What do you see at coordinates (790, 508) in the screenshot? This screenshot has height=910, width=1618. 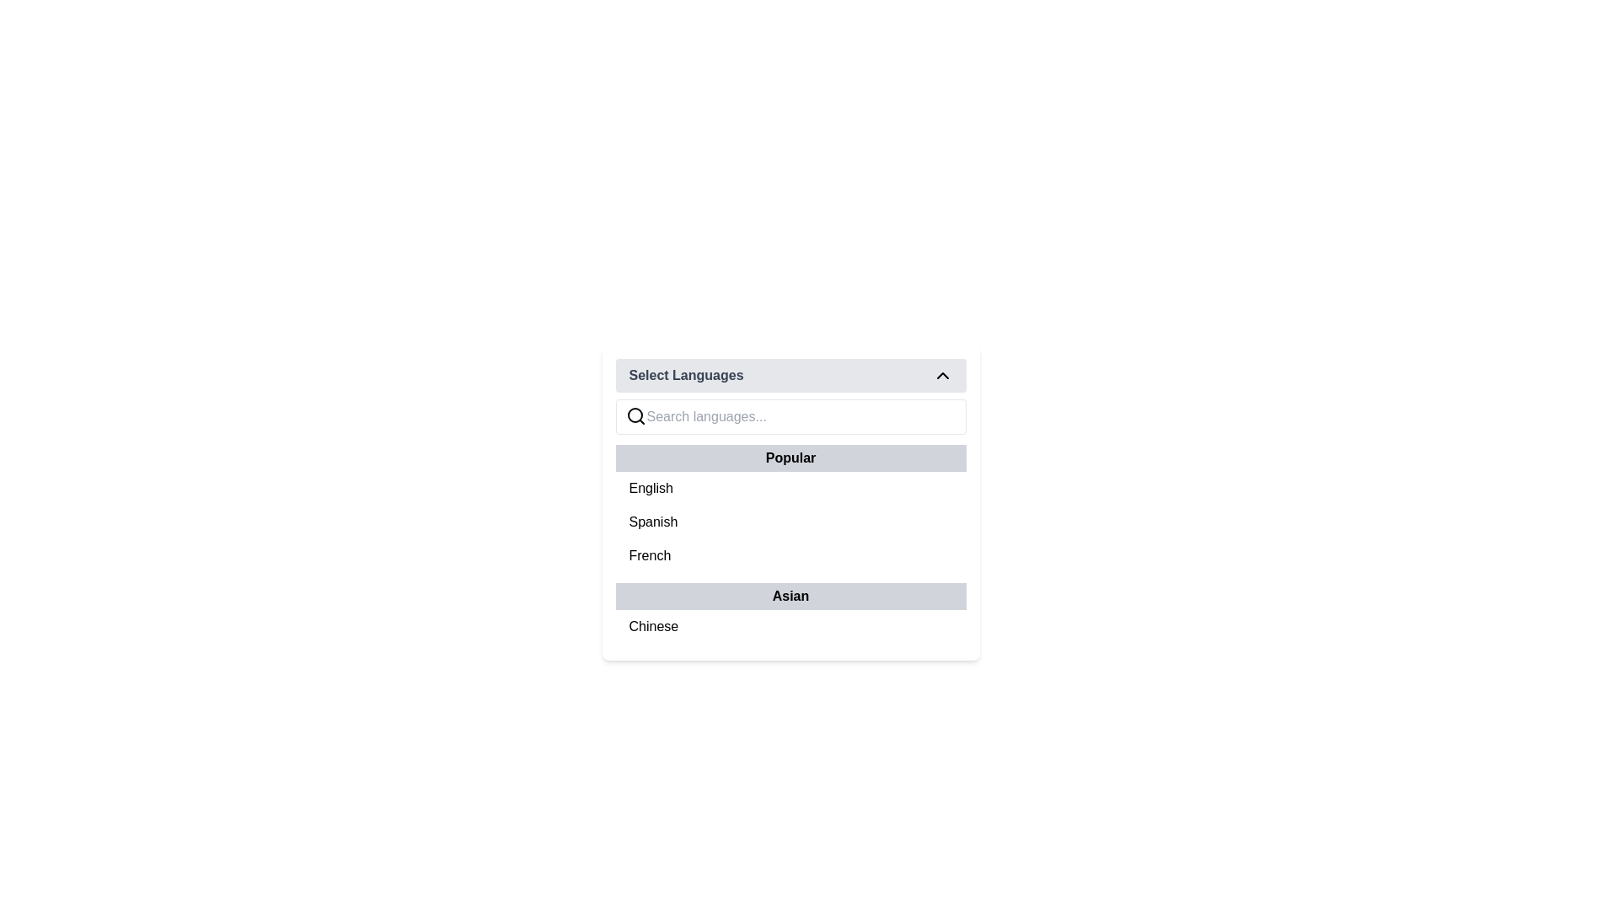 I see `the 'Popular' list section which includes 'English', 'Spanish', and 'French', distinctly titled with a gray background and bold font` at bounding box center [790, 508].